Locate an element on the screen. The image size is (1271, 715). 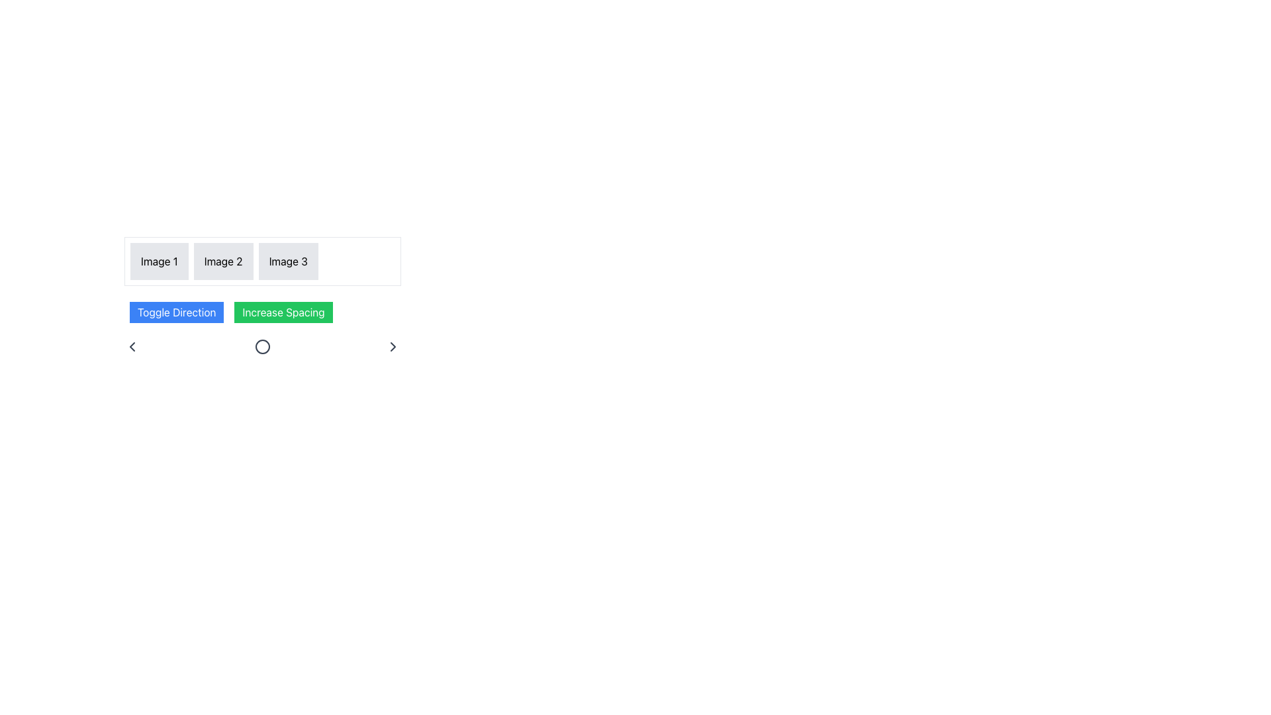
the second button in the horizontal group of buttons, located to the right of the blue 'Toggle Direction' button is located at coordinates (283, 312).